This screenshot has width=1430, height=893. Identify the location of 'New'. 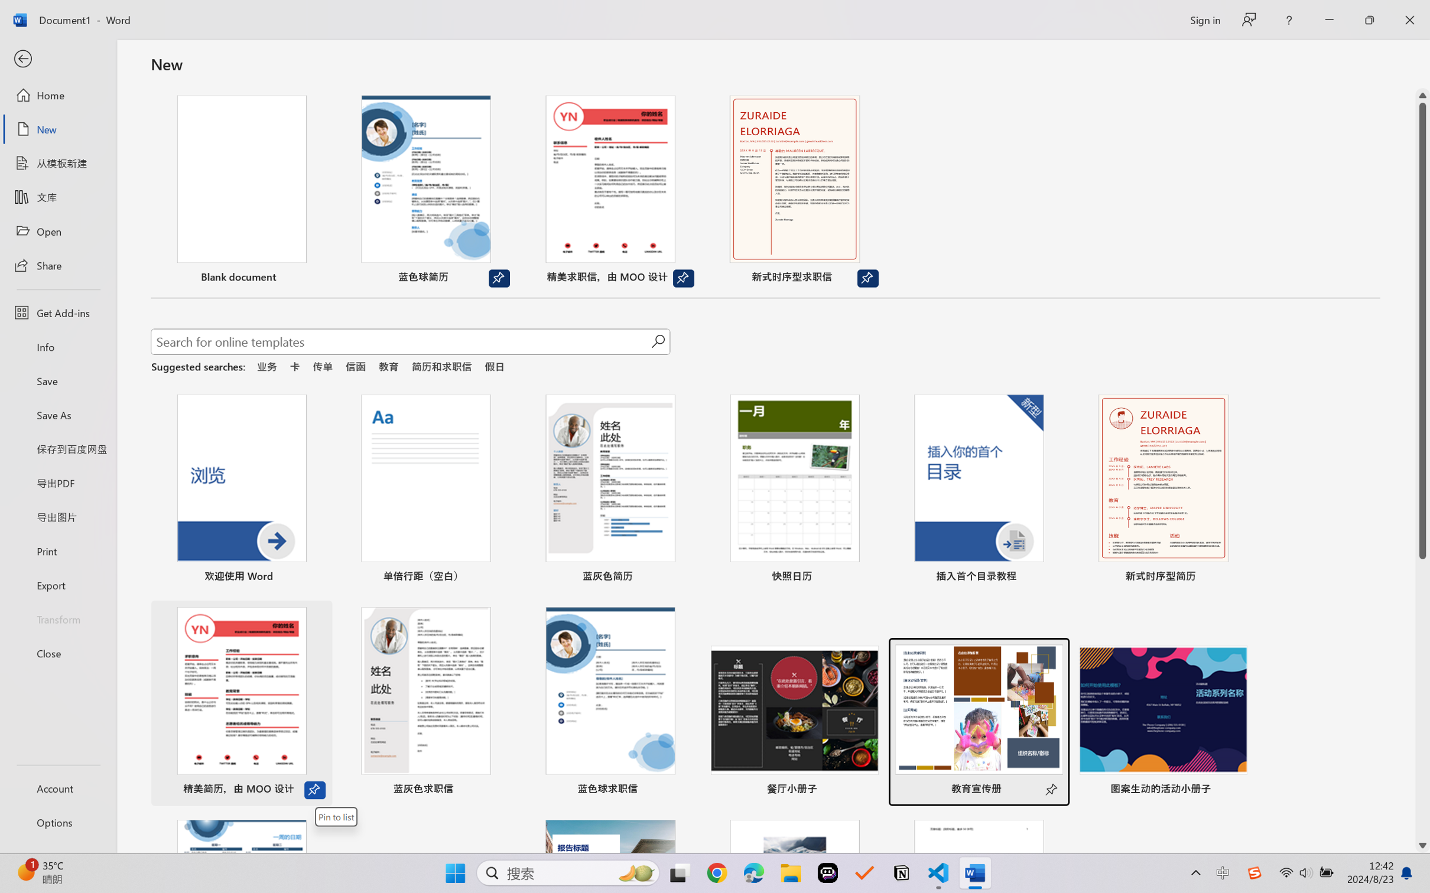
(57, 128).